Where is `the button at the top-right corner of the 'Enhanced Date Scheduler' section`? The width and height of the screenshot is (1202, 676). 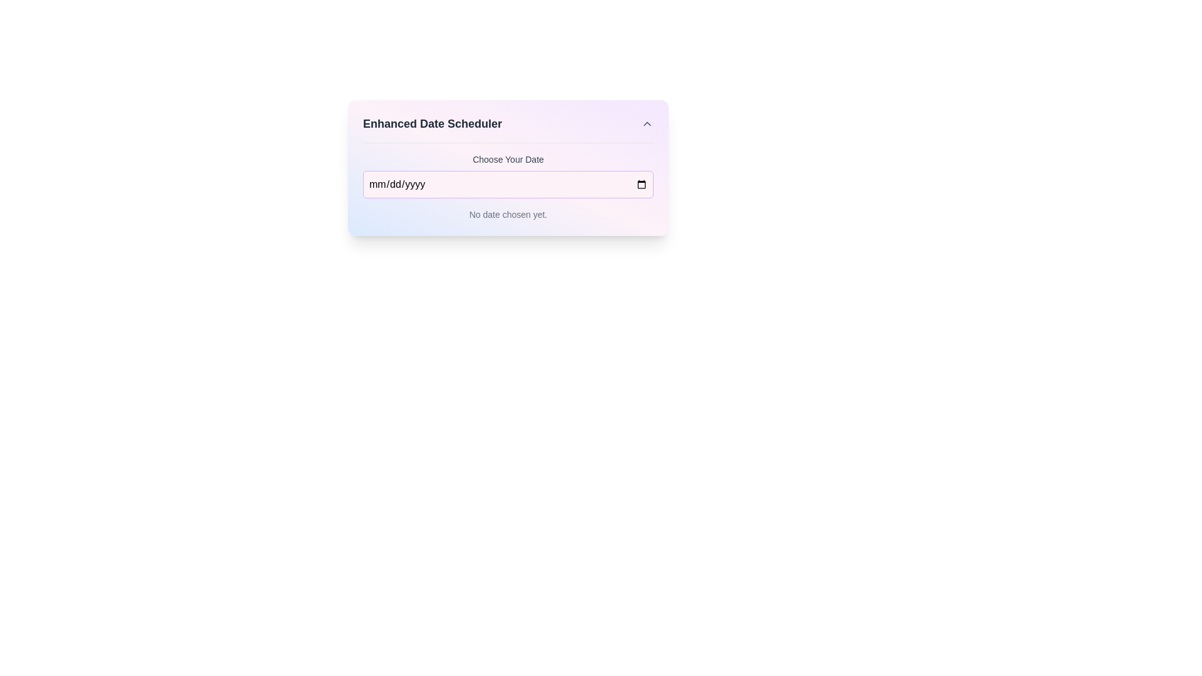
the button at the top-right corner of the 'Enhanced Date Scheduler' section is located at coordinates (647, 123).